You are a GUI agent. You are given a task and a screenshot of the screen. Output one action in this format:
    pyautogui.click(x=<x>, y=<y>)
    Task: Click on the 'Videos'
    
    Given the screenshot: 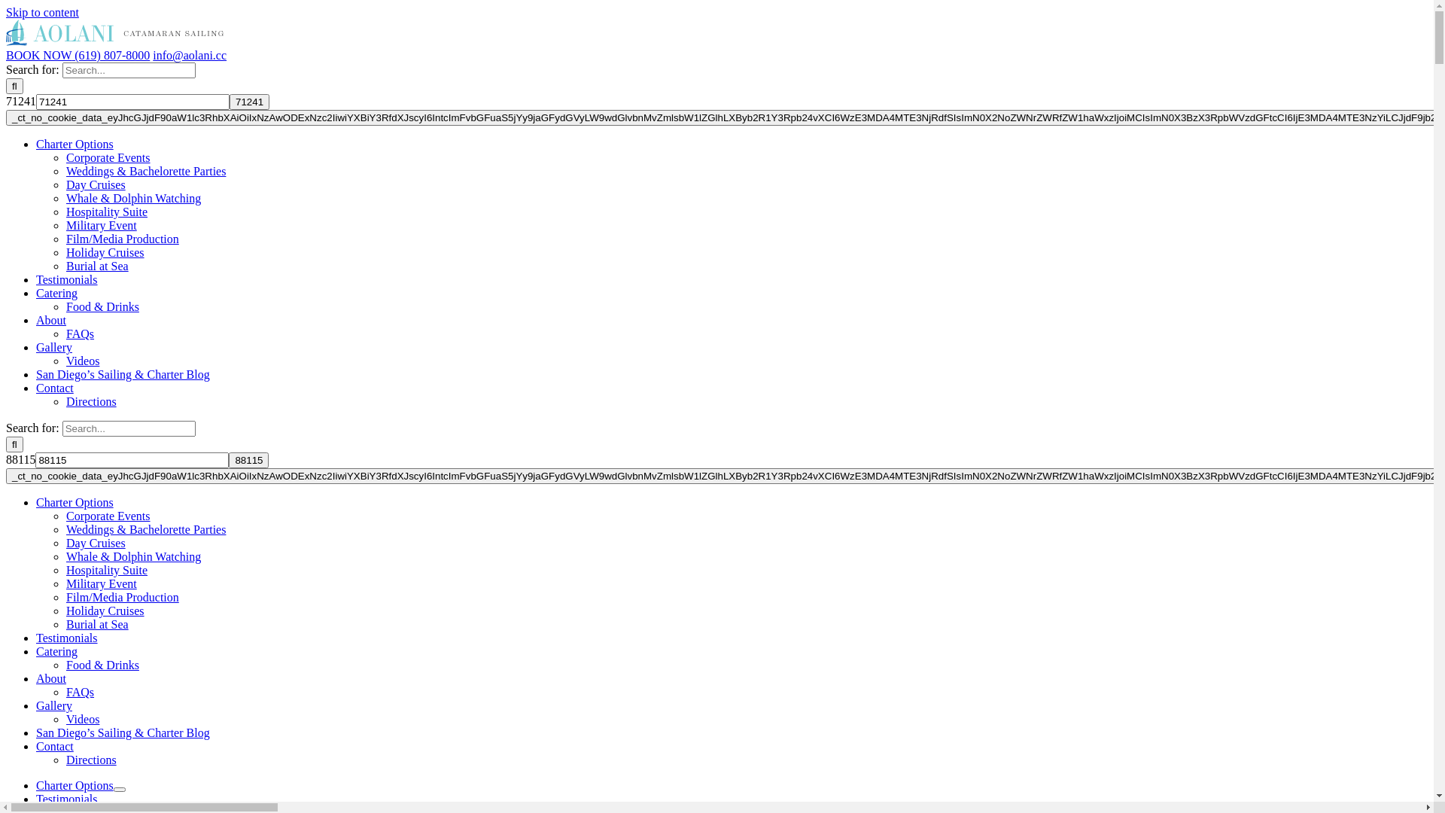 What is the action you would take?
    pyautogui.click(x=65, y=718)
    